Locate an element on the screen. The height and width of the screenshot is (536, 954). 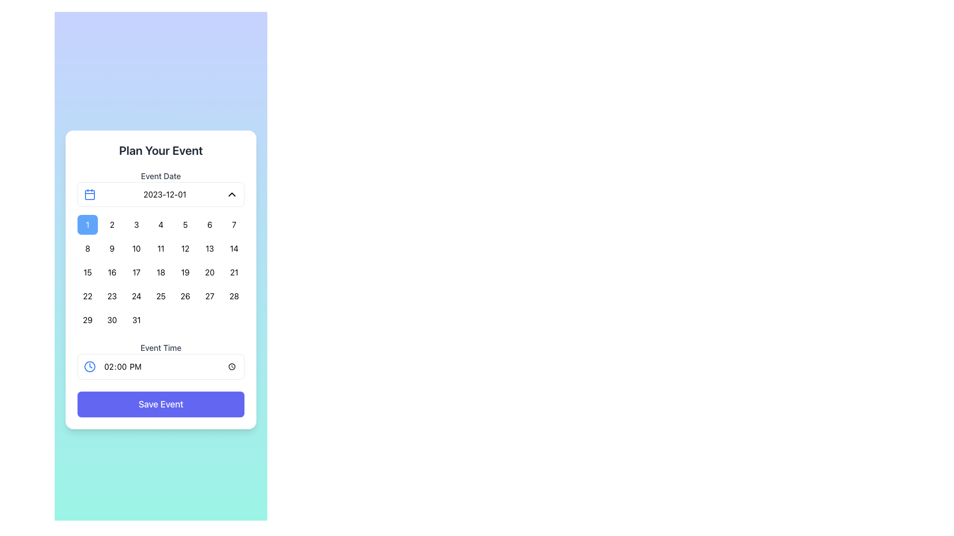
the Time input field located at the bottom section of the interface under the title 'Event Time' is located at coordinates (171, 367).